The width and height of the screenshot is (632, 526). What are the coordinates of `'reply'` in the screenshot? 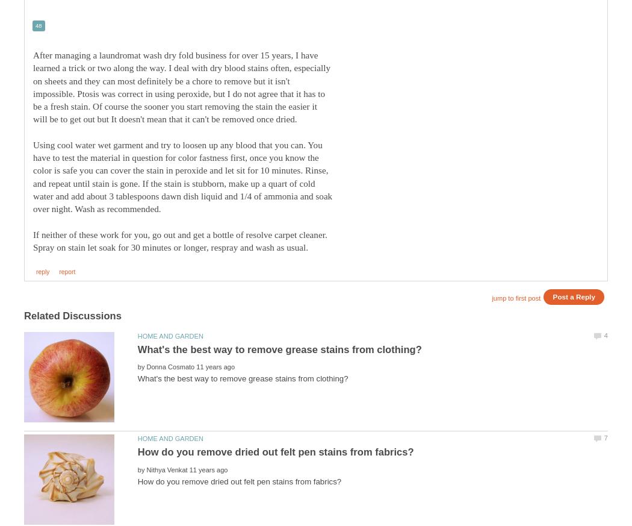 It's located at (42, 272).